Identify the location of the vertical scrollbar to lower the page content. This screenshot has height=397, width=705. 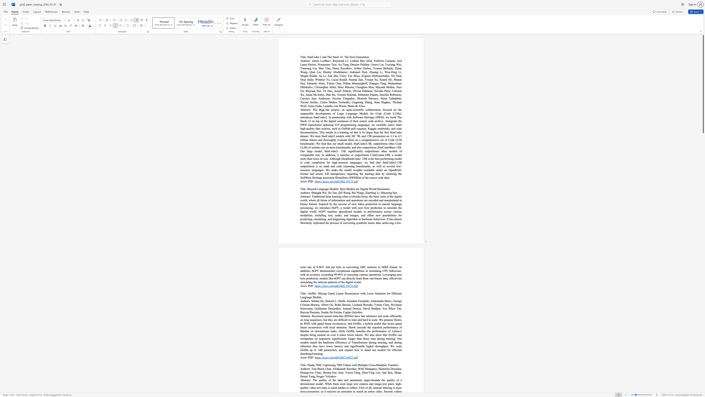
(703, 217).